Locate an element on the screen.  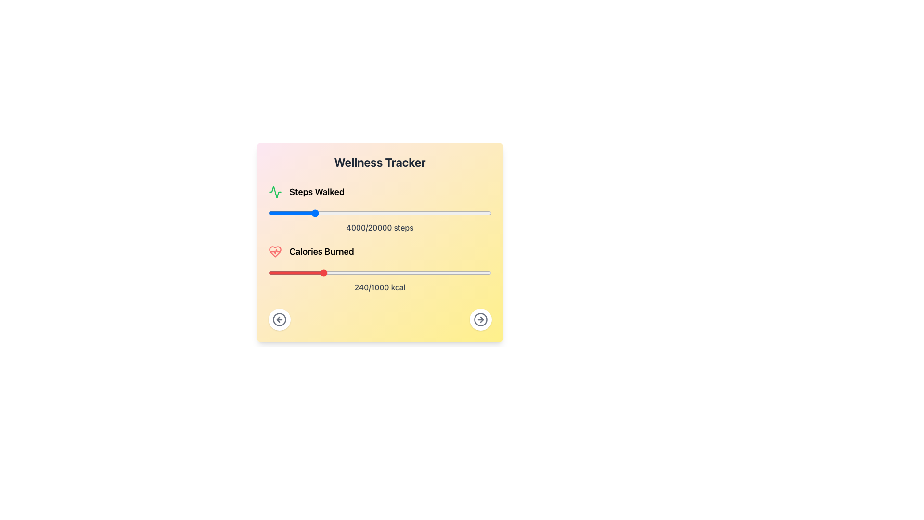
the inner circle of the left-arrow icon located in the bottom-left corner of the wellness tracker card interface is located at coordinates (279, 319).